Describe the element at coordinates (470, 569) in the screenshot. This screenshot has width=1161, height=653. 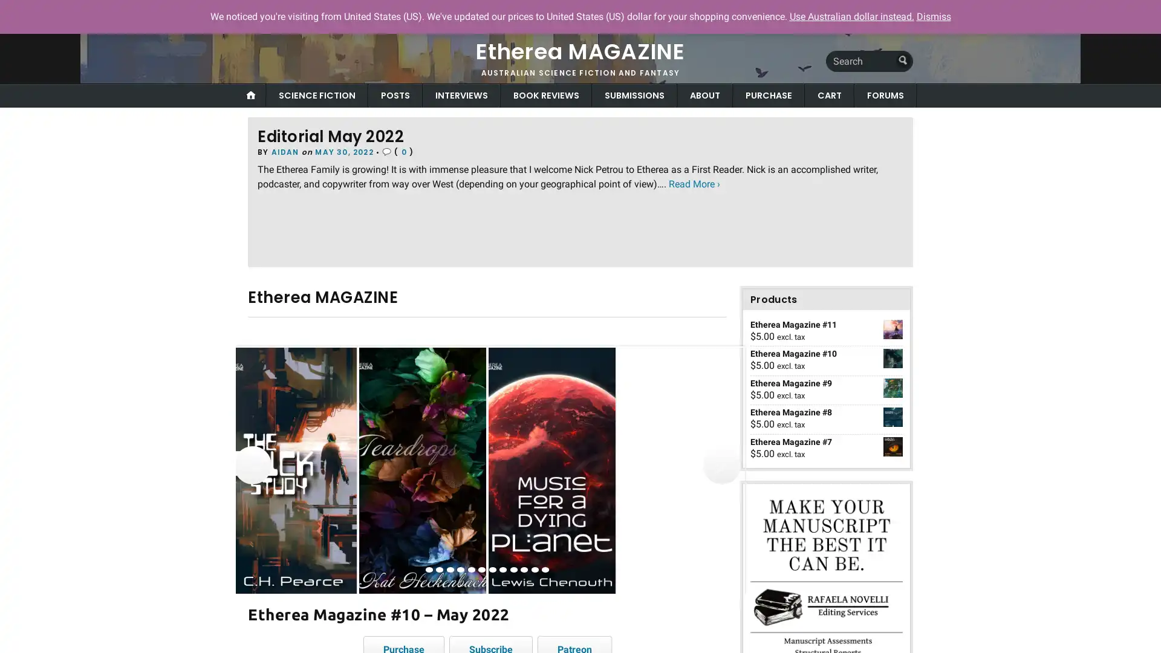
I see `view image 5 of 12 in carousel` at that location.